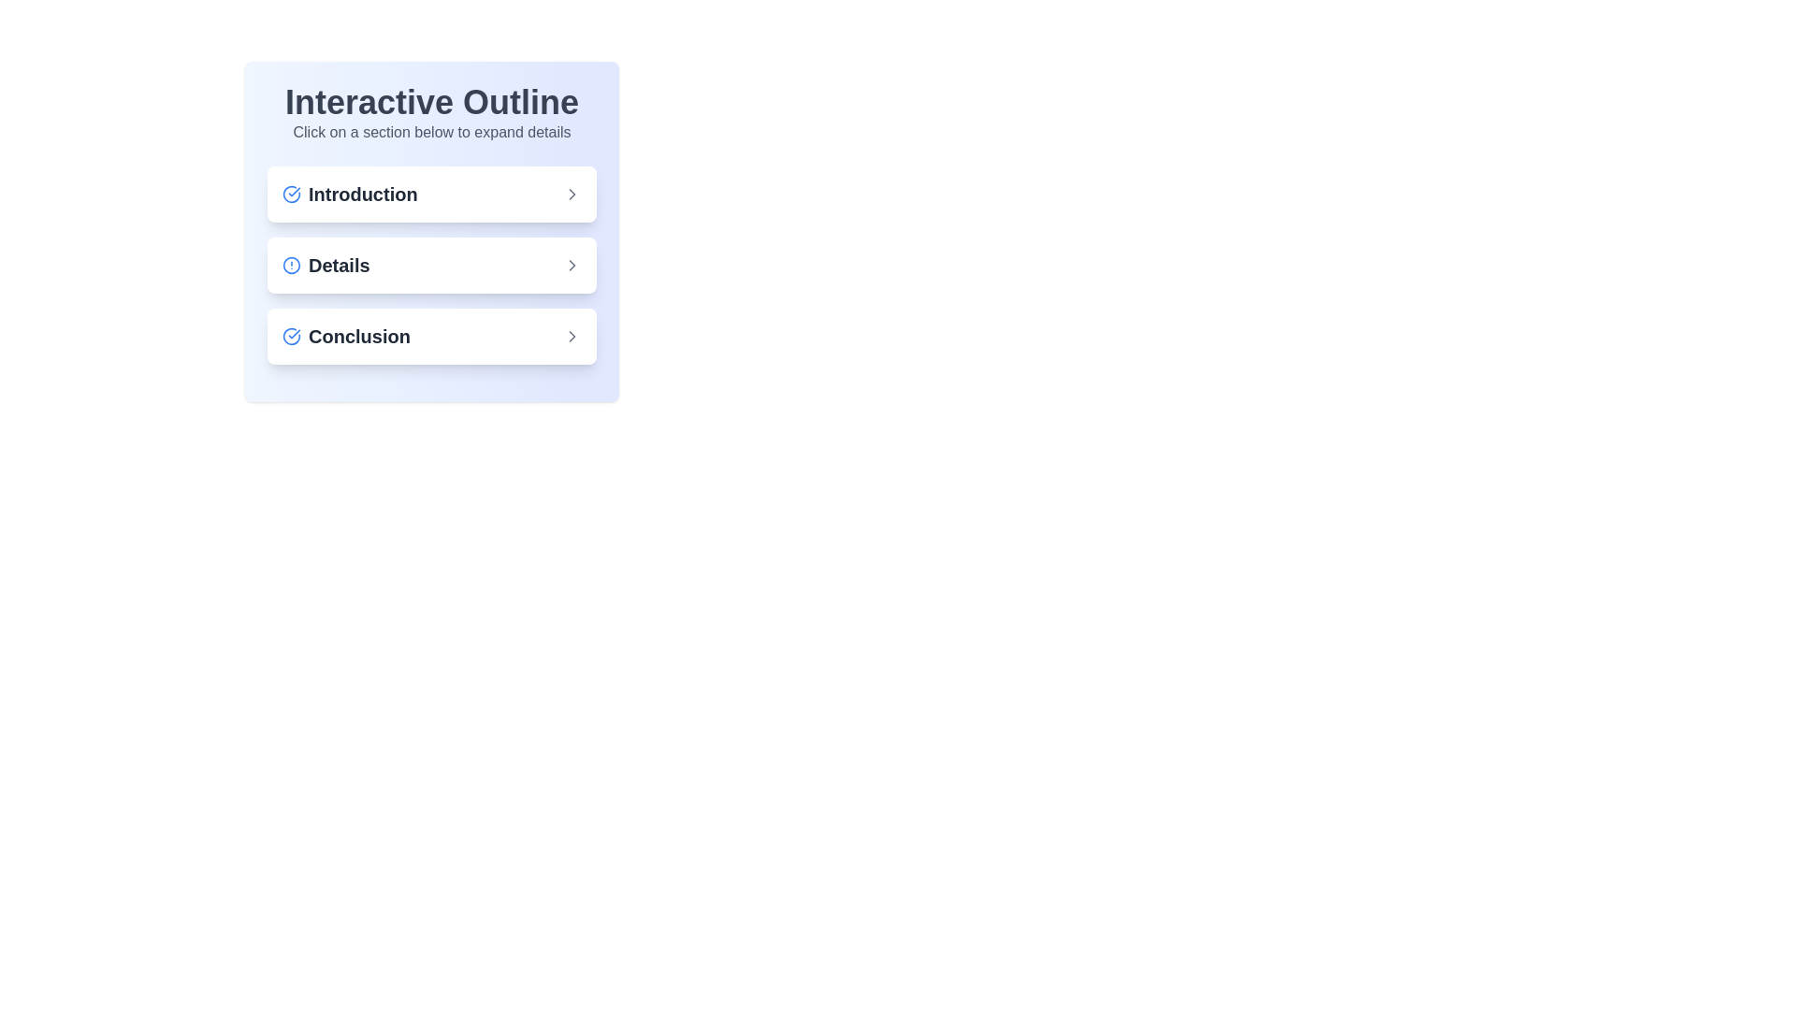 This screenshot has width=1796, height=1010. I want to click on the Right-pointing arrow icon located in the 'Conclusion' section, which indicates expandable content, so click(571, 335).